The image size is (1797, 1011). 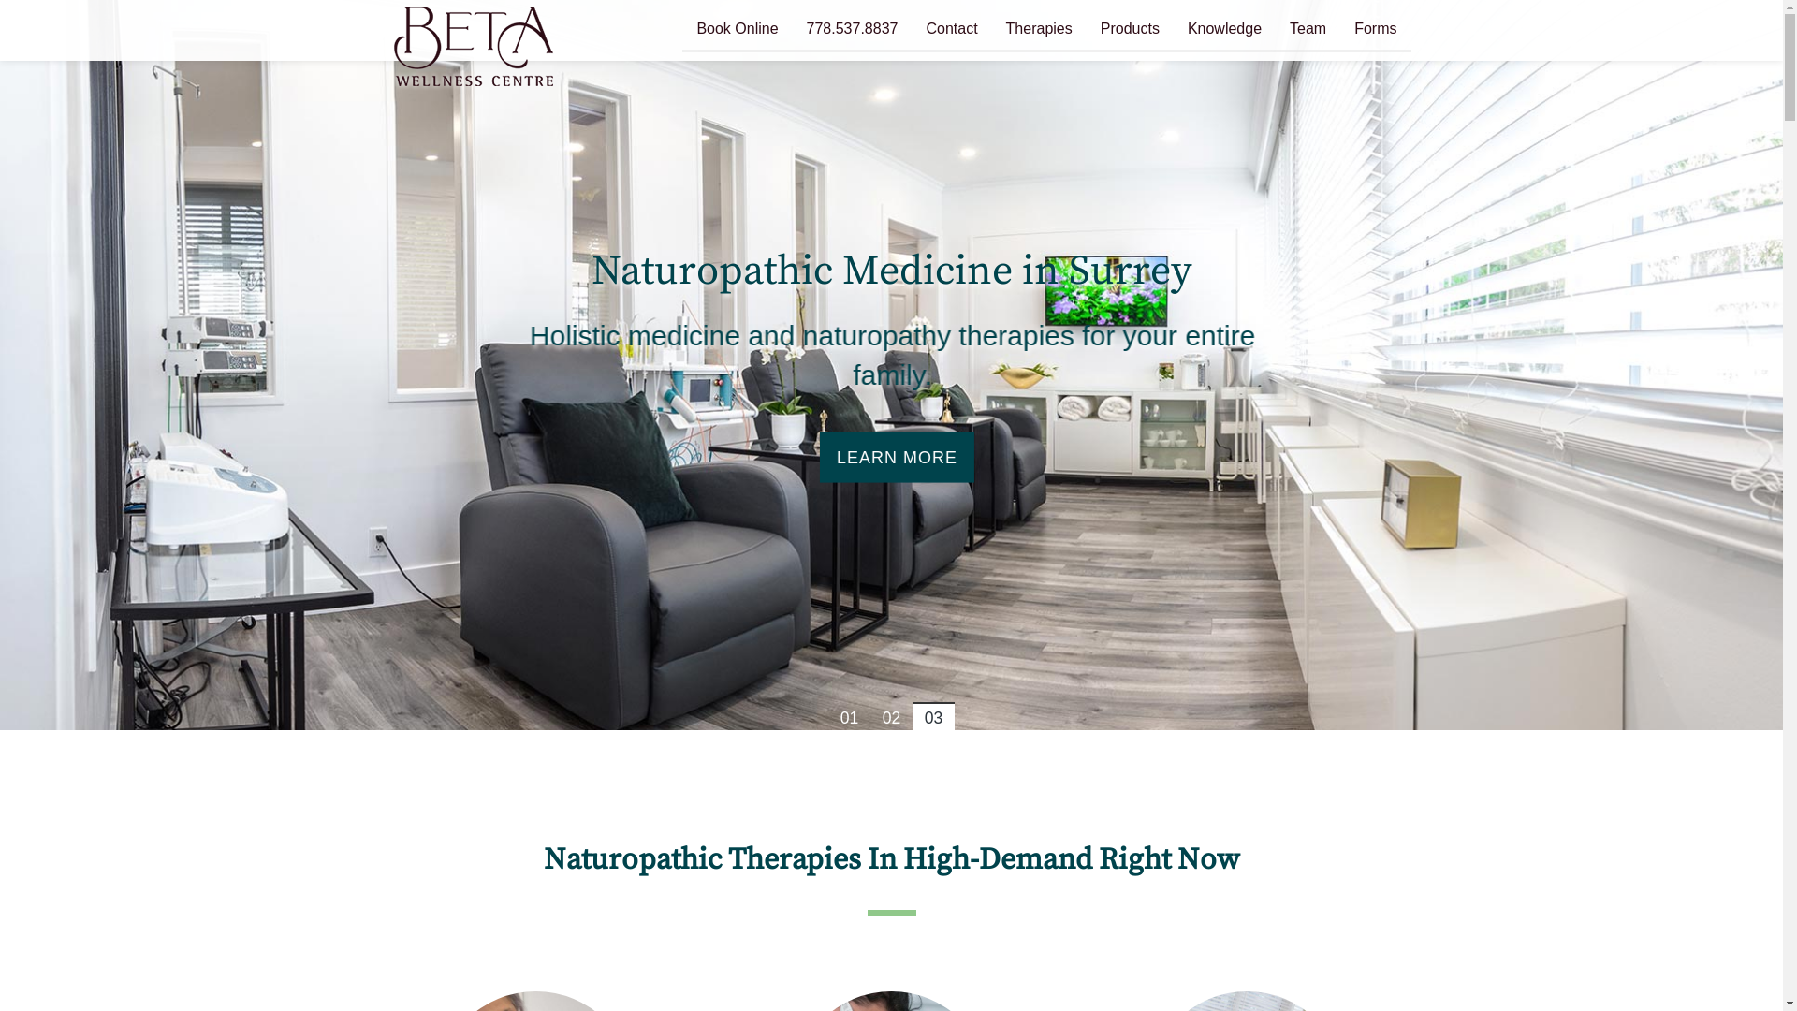 What do you see at coordinates (1172, 31) in the screenshot?
I see `'Knowledge'` at bounding box center [1172, 31].